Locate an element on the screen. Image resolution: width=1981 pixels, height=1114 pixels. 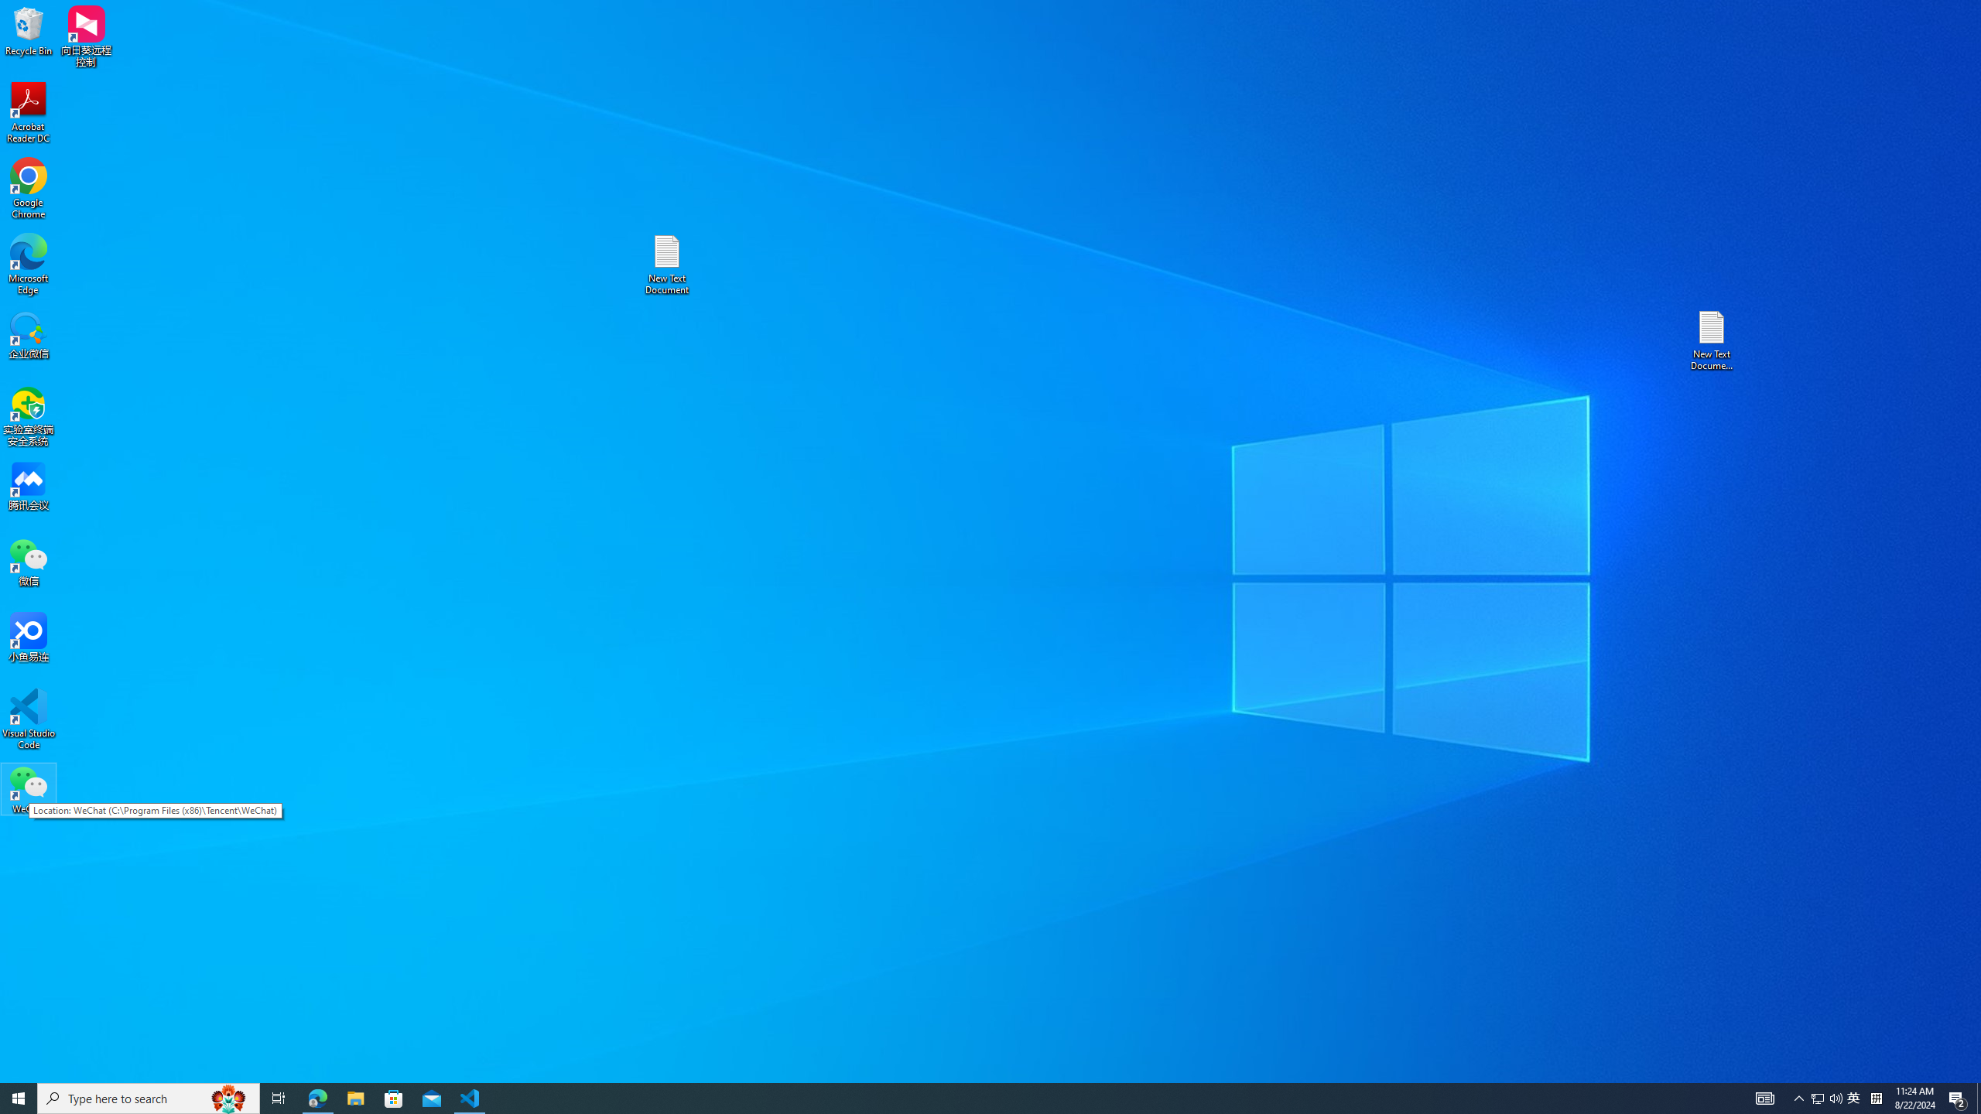
'Show desktop' is located at coordinates (1978, 1097).